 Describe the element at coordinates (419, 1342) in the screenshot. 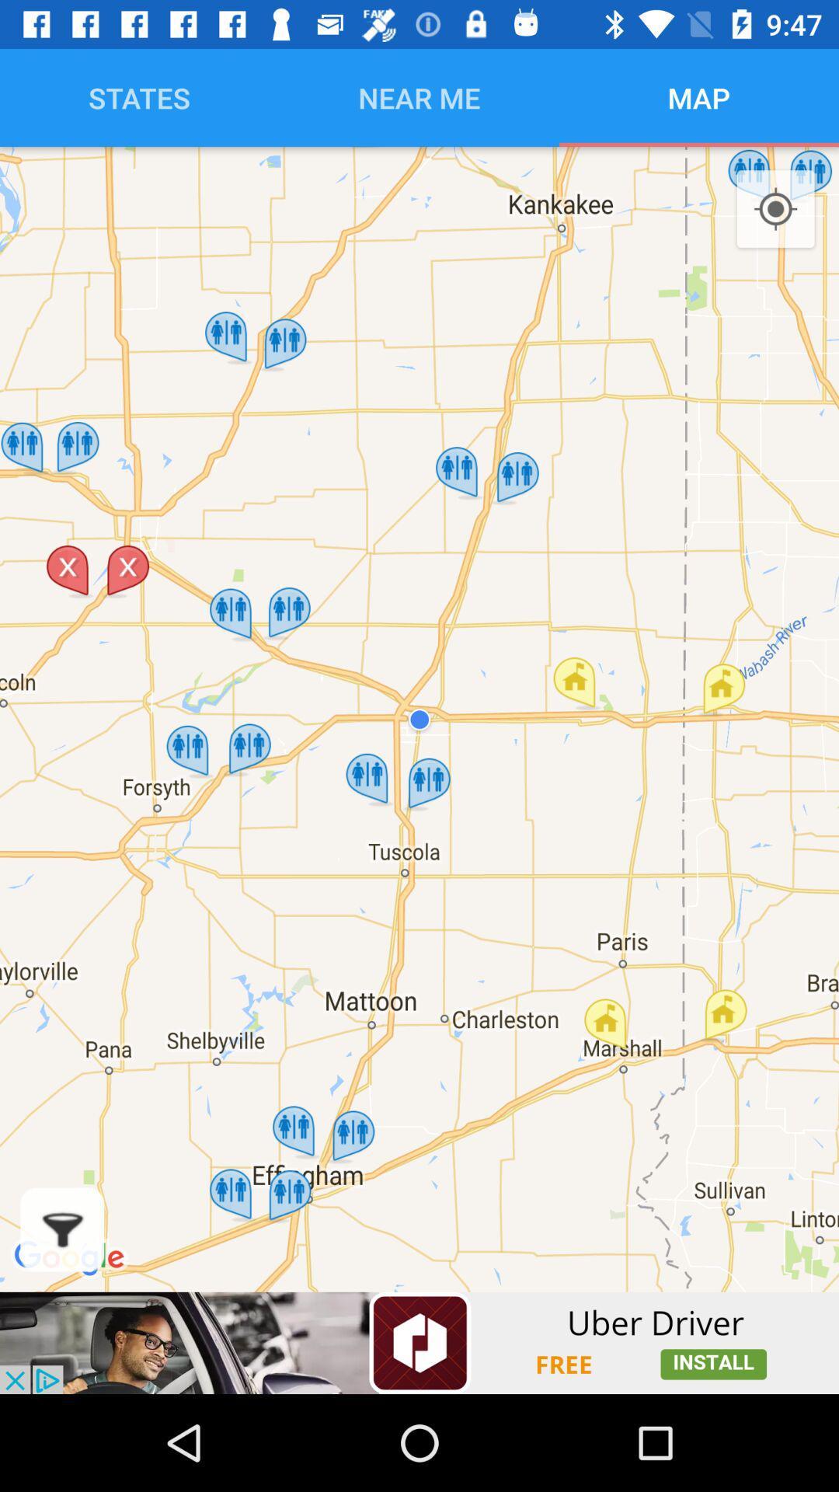

I see `advertisement option` at that location.